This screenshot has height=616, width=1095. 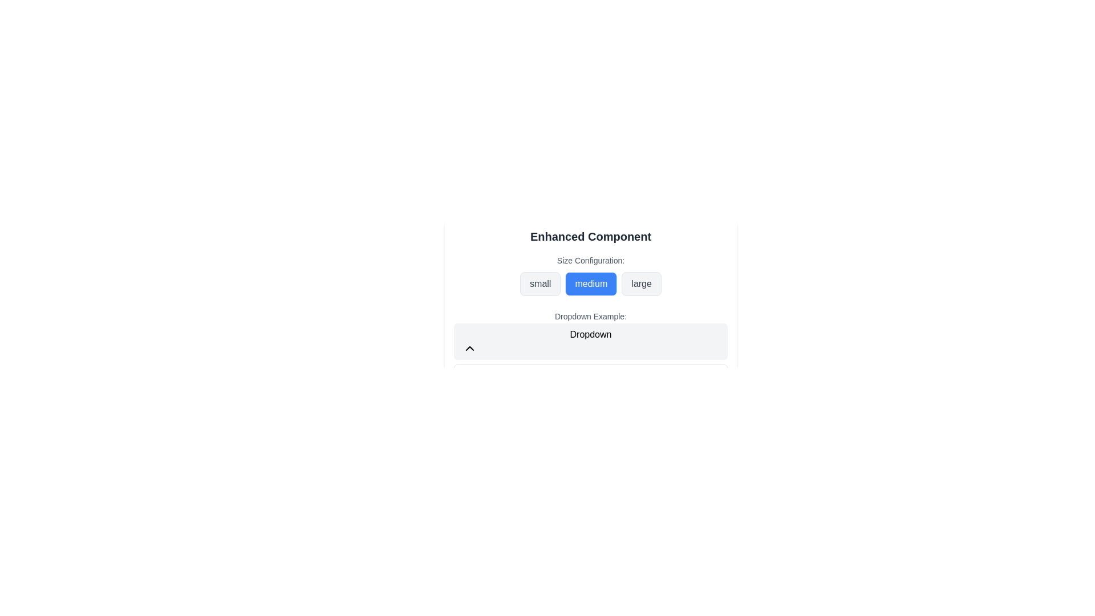 What do you see at coordinates (591, 275) in the screenshot?
I see `the 'medium' button, which is a rounded rectangular button with a blue background and white text, located in the center of the three options under the 'Size Configuration' header` at bounding box center [591, 275].